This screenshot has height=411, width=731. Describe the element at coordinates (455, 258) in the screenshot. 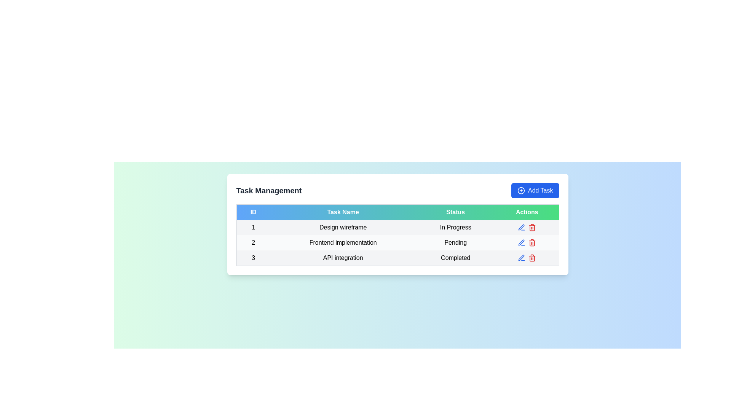

I see `the static text field displaying 'Completed' in the status column of the task management table, which is located in the third row to the right of 'API integration'` at that location.